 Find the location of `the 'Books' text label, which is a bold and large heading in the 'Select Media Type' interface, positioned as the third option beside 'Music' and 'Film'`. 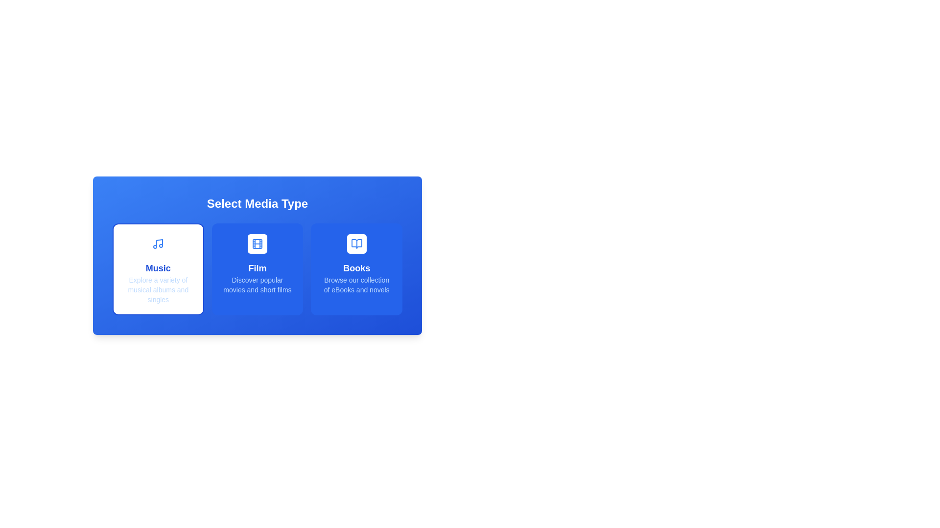

the 'Books' text label, which is a bold and large heading in the 'Select Media Type' interface, positioned as the third option beside 'Music' and 'Film' is located at coordinates (356, 268).